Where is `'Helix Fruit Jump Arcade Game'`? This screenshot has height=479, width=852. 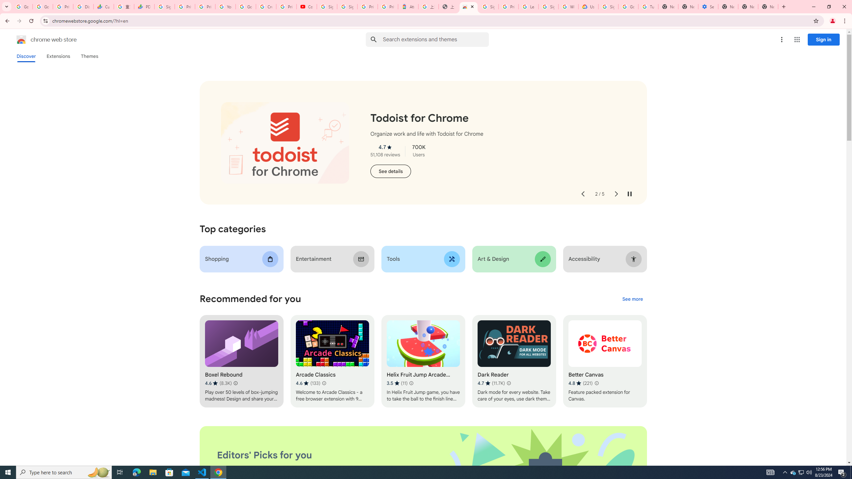
'Helix Fruit Jump Arcade Game' is located at coordinates (423, 361).